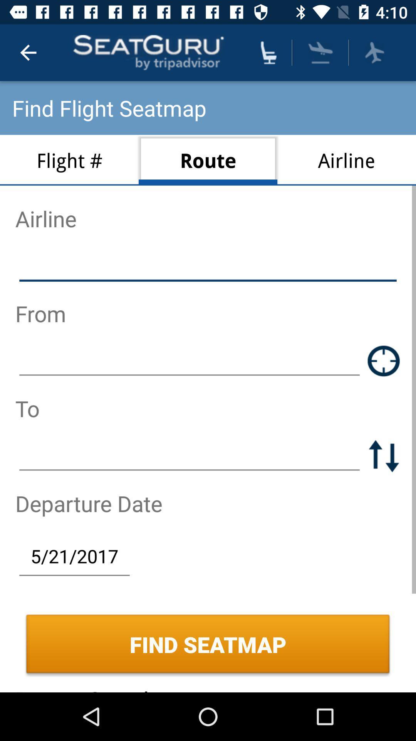 This screenshot has height=741, width=416. What do you see at coordinates (384, 360) in the screenshot?
I see `the location_crosshair icon` at bounding box center [384, 360].